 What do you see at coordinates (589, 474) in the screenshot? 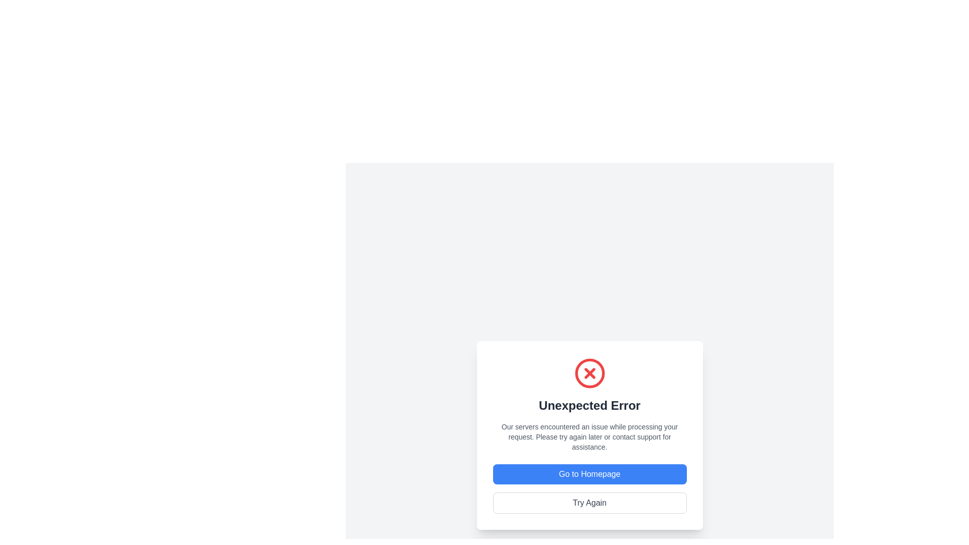
I see `the rectangular button with rounded corners and blue background labeled 'Go to Homepage'` at bounding box center [589, 474].